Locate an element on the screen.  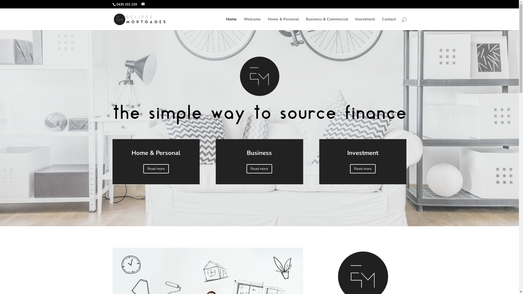
'Welcome' is located at coordinates (252, 23).